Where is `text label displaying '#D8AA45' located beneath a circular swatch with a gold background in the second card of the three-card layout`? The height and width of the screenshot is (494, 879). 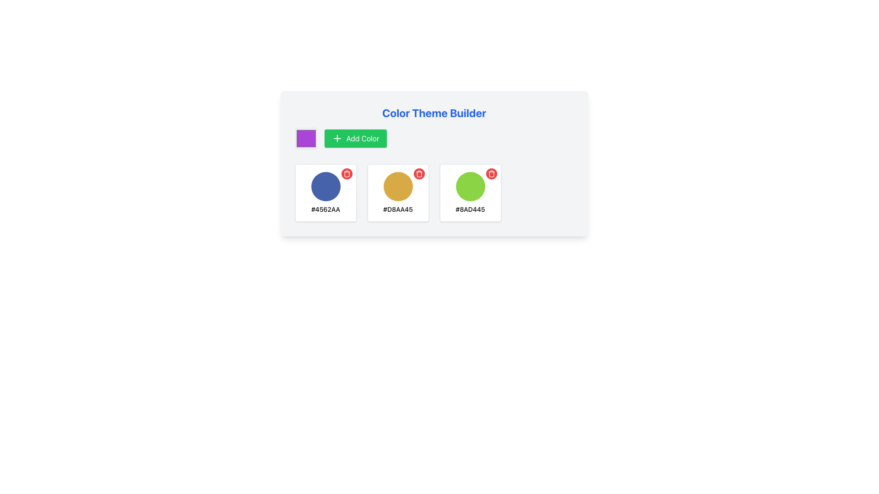
text label displaying '#D8AA45' located beneath a circular swatch with a gold background in the second card of the three-card layout is located at coordinates (398, 209).